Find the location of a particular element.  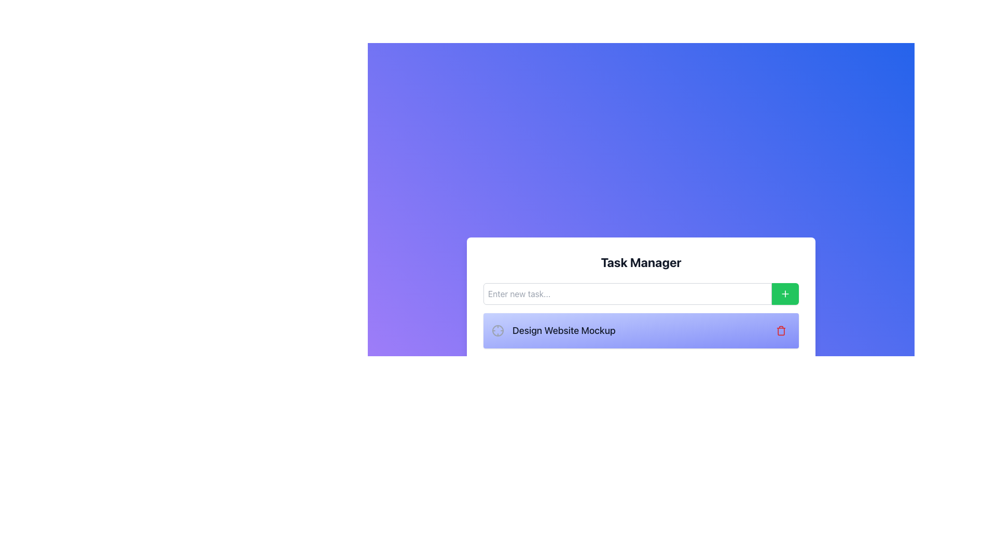

the first task in the Task List, labeled 'Design Website Mockup' is located at coordinates (641, 352).